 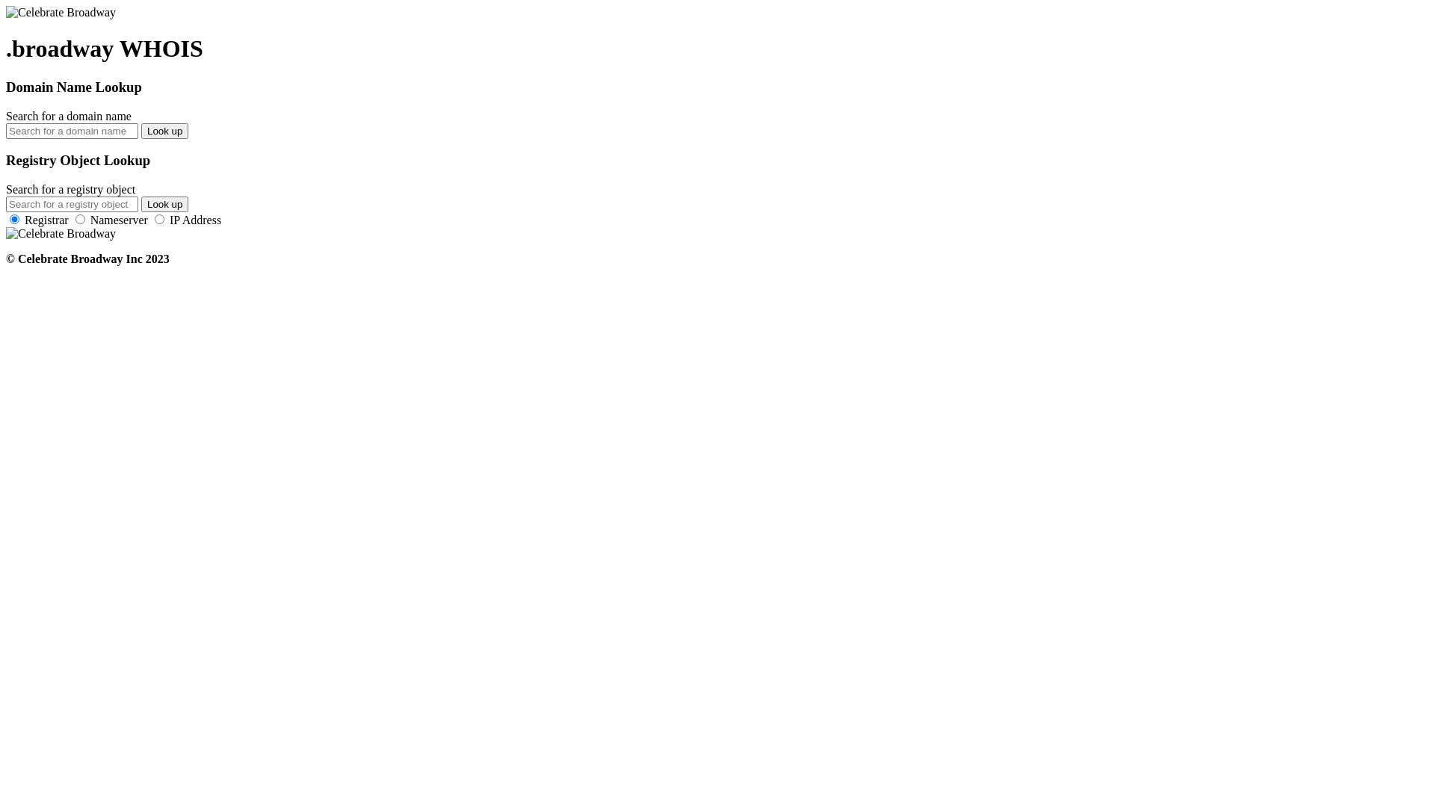 I want to click on 'Look up', so click(x=141, y=204).